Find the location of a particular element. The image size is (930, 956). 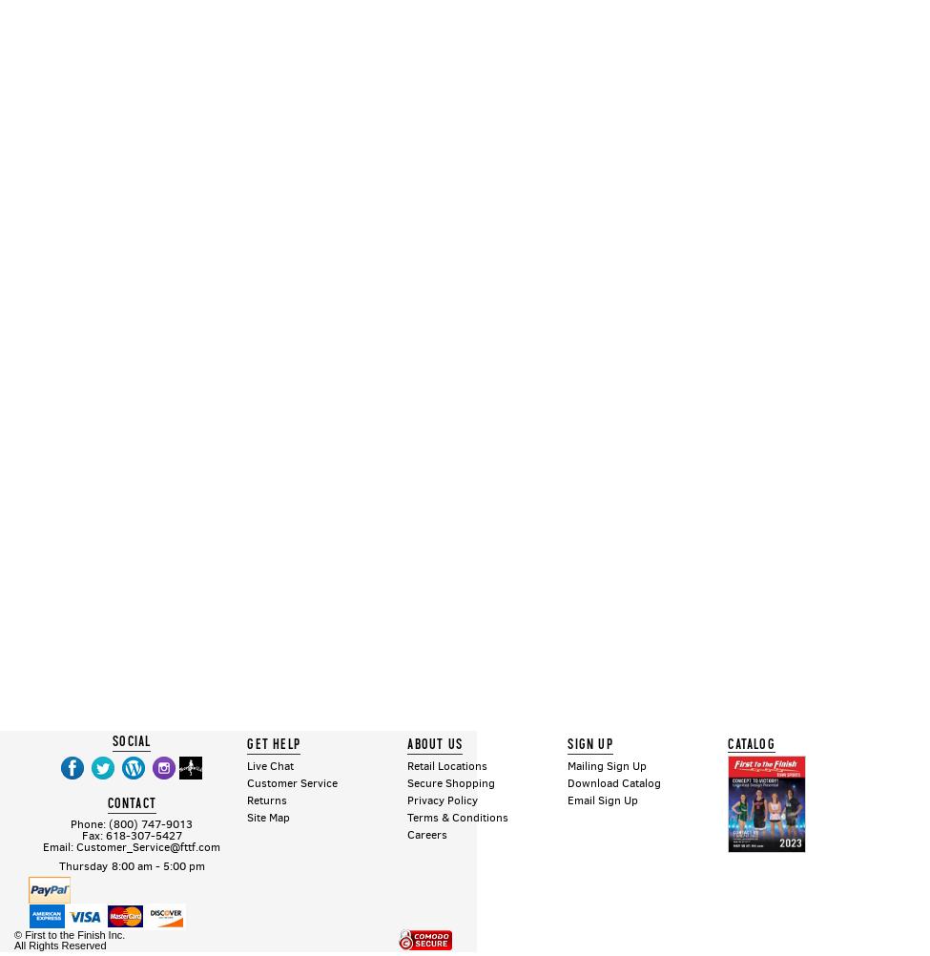

'Privacy Policy' is located at coordinates (406, 800).